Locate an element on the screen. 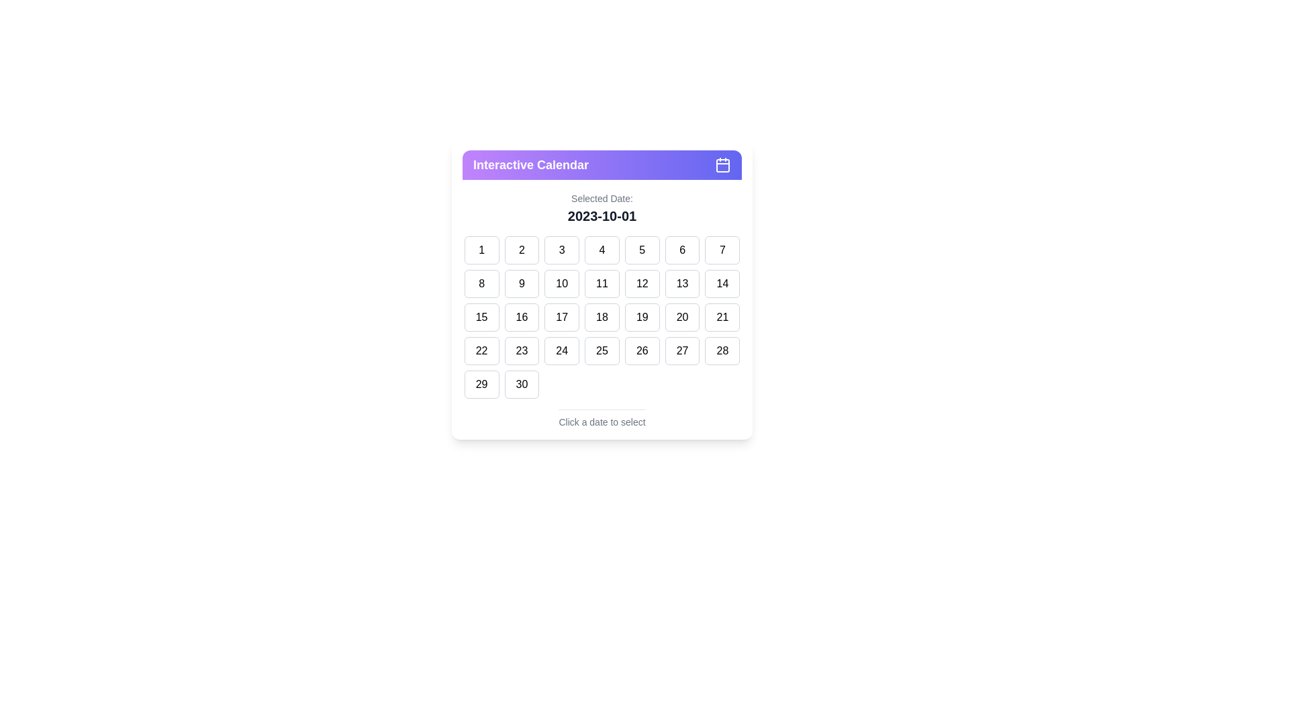 The image size is (1289, 725). the button displaying the number '11' in the calendar interface is located at coordinates (602, 283).